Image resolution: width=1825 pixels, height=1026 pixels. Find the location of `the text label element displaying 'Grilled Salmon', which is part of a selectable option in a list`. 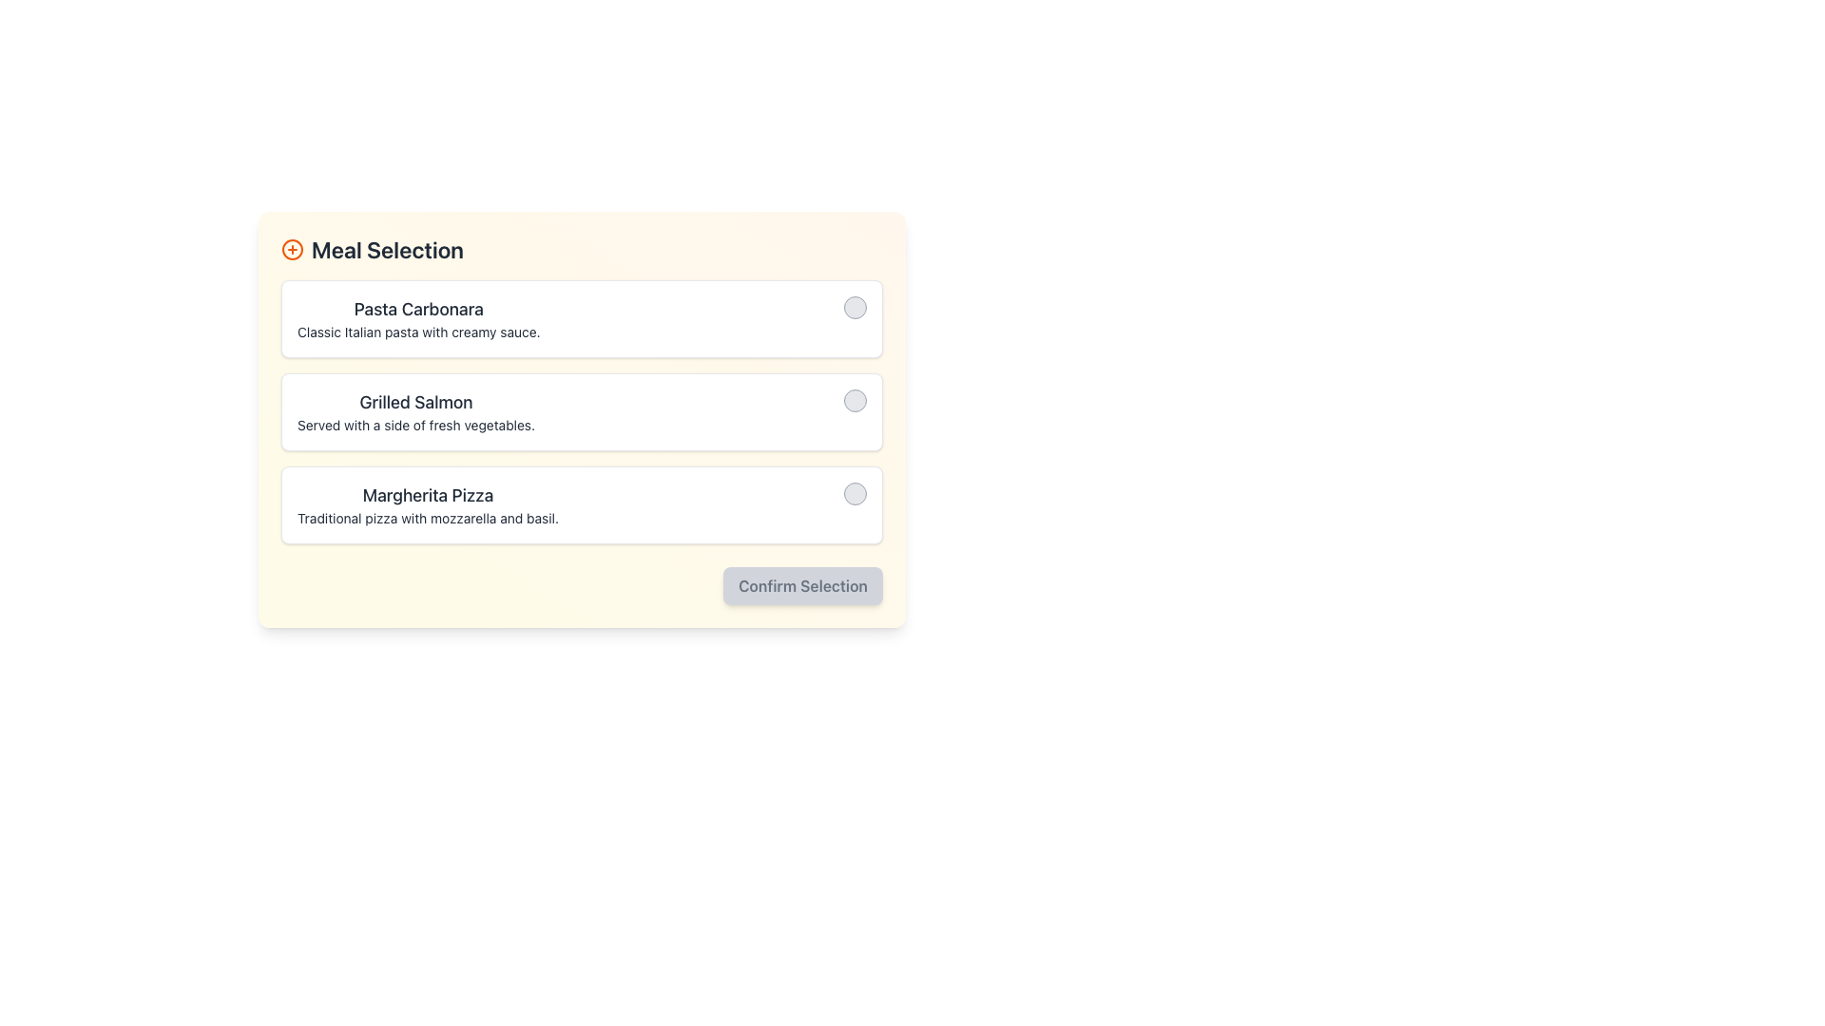

the text label element displaying 'Grilled Salmon', which is part of a selectable option in a list is located at coordinates (415, 411).